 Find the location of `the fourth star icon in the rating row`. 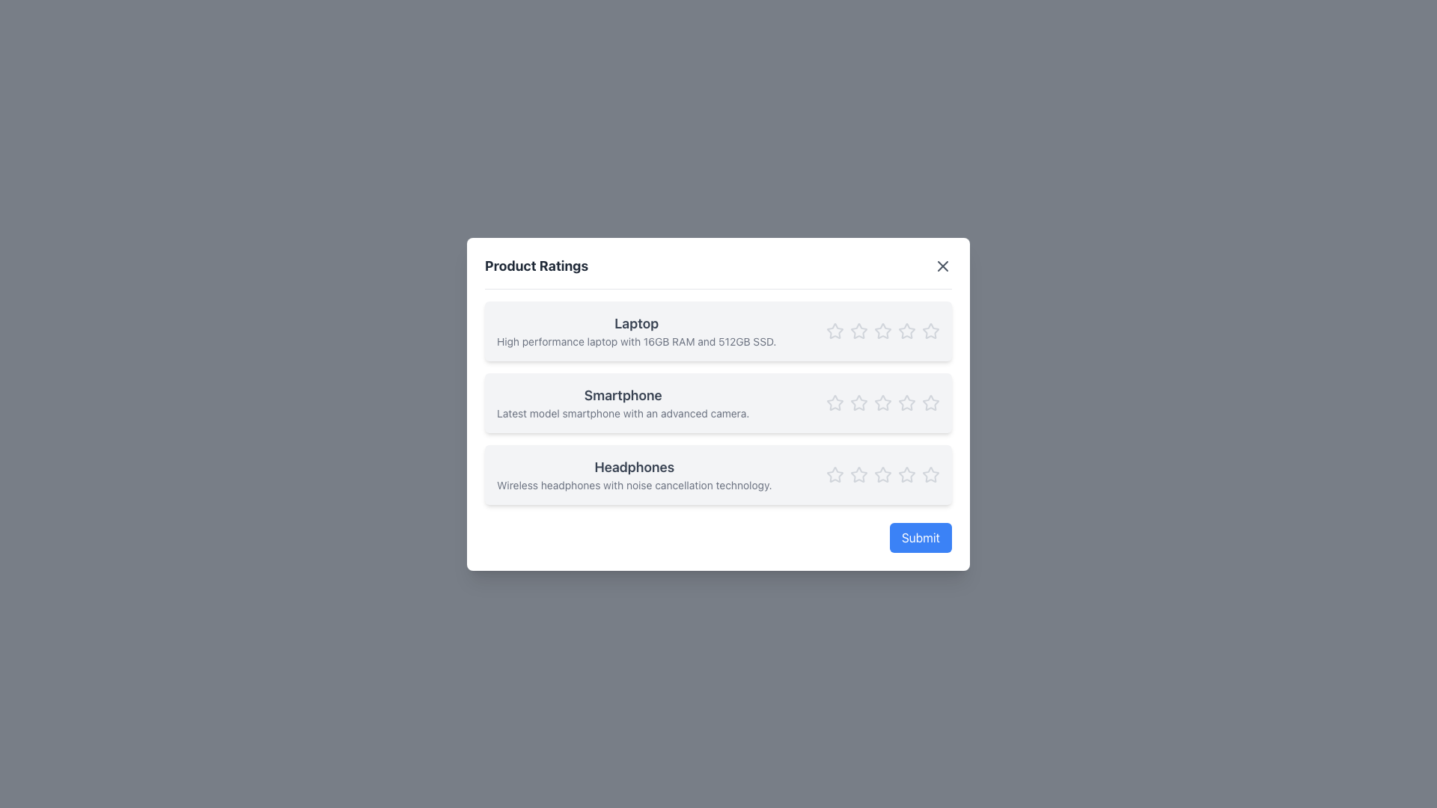

the fourth star icon in the rating row is located at coordinates (882, 330).